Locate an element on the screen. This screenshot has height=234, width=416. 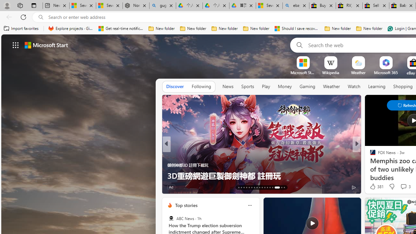
'AutomationID: waffle' is located at coordinates (16, 45).